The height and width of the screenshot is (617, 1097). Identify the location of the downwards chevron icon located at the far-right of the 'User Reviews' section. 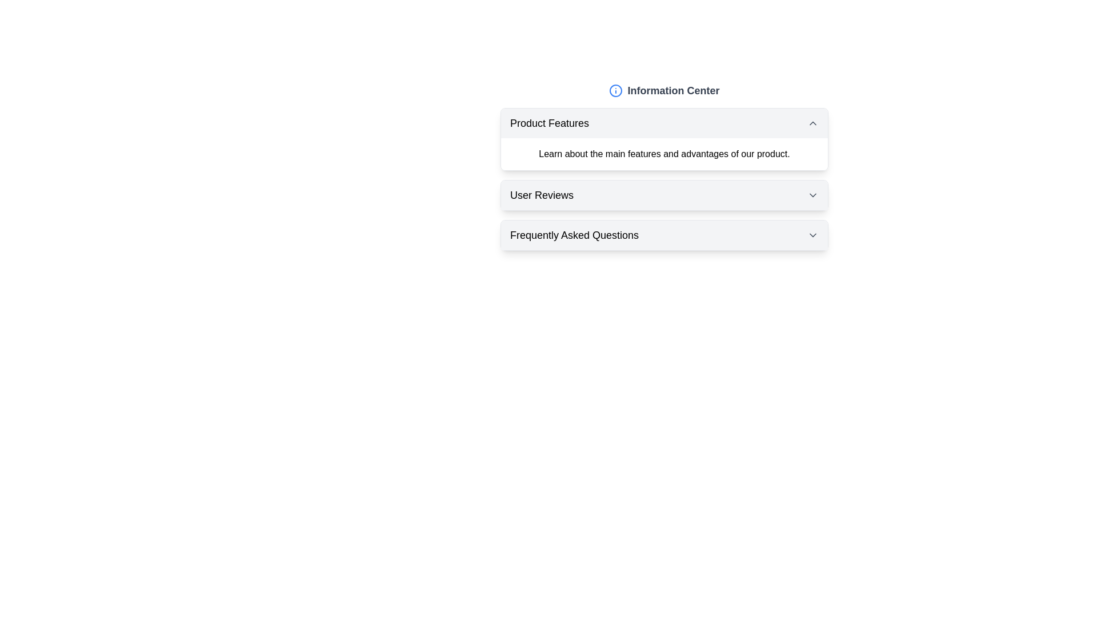
(812, 195).